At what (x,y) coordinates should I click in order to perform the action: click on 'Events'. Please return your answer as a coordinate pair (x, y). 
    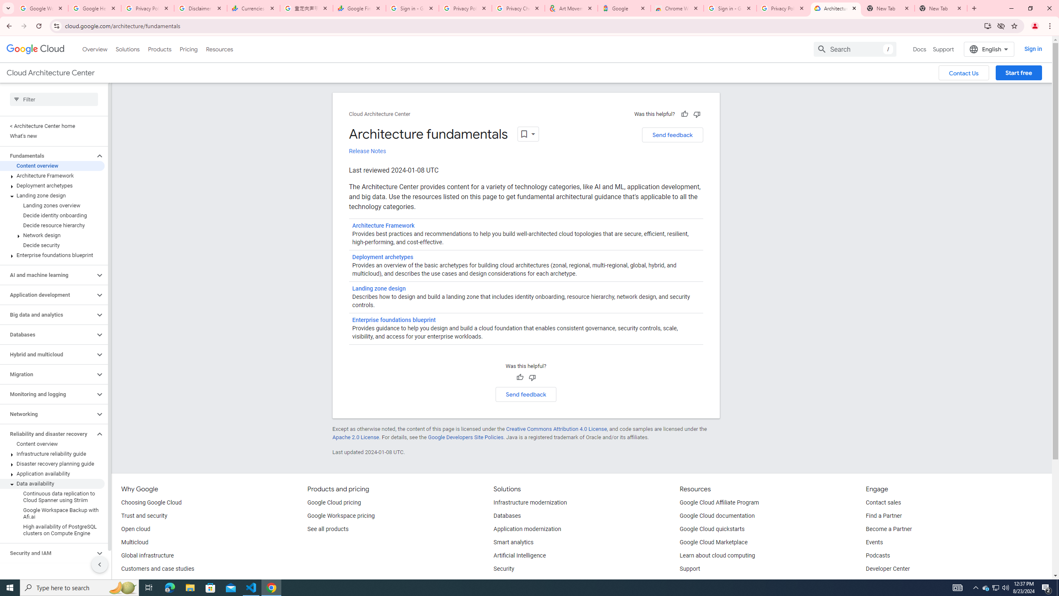
    Looking at the image, I should click on (874, 542).